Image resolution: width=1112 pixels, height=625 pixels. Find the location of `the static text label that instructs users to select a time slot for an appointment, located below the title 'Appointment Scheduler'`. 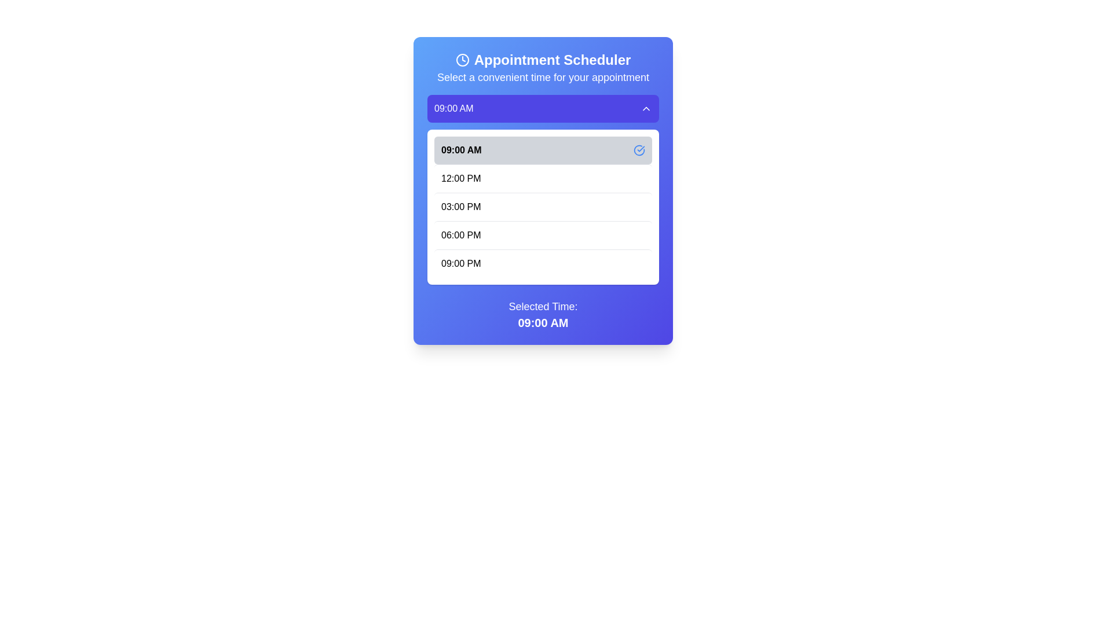

the static text label that instructs users to select a time slot for an appointment, located below the title 'Appointment Scheduler' is located at coordinates (542, 78).